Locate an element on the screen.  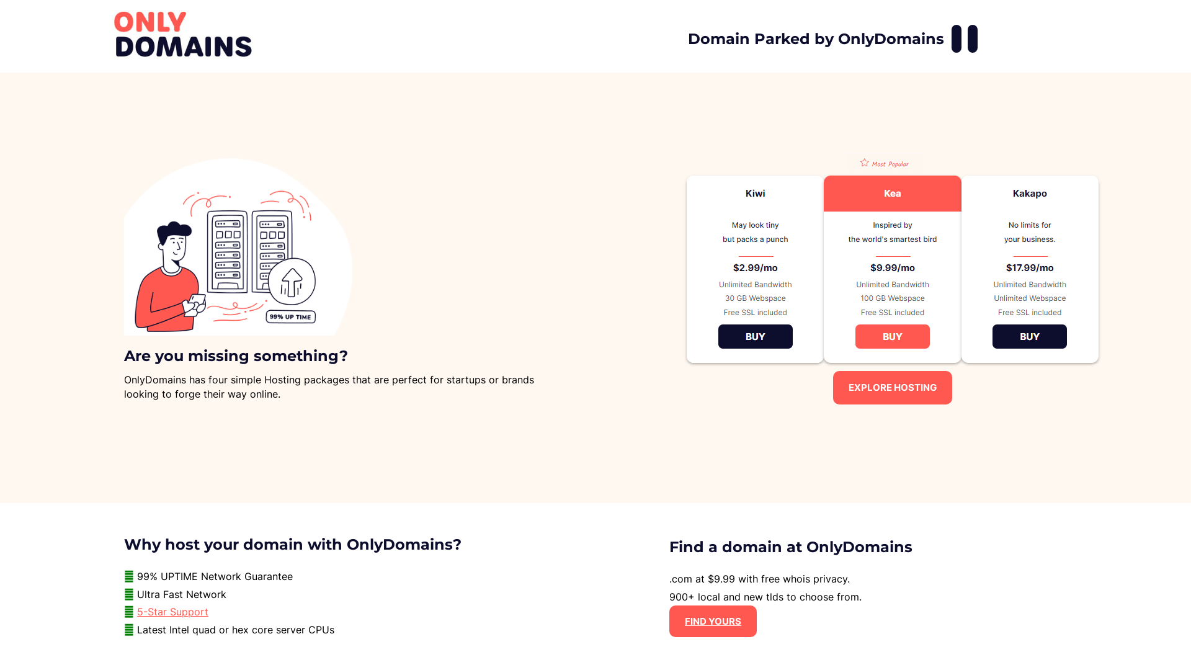
'EXPLORE HOSTING' is located at coordinates (892, 386).